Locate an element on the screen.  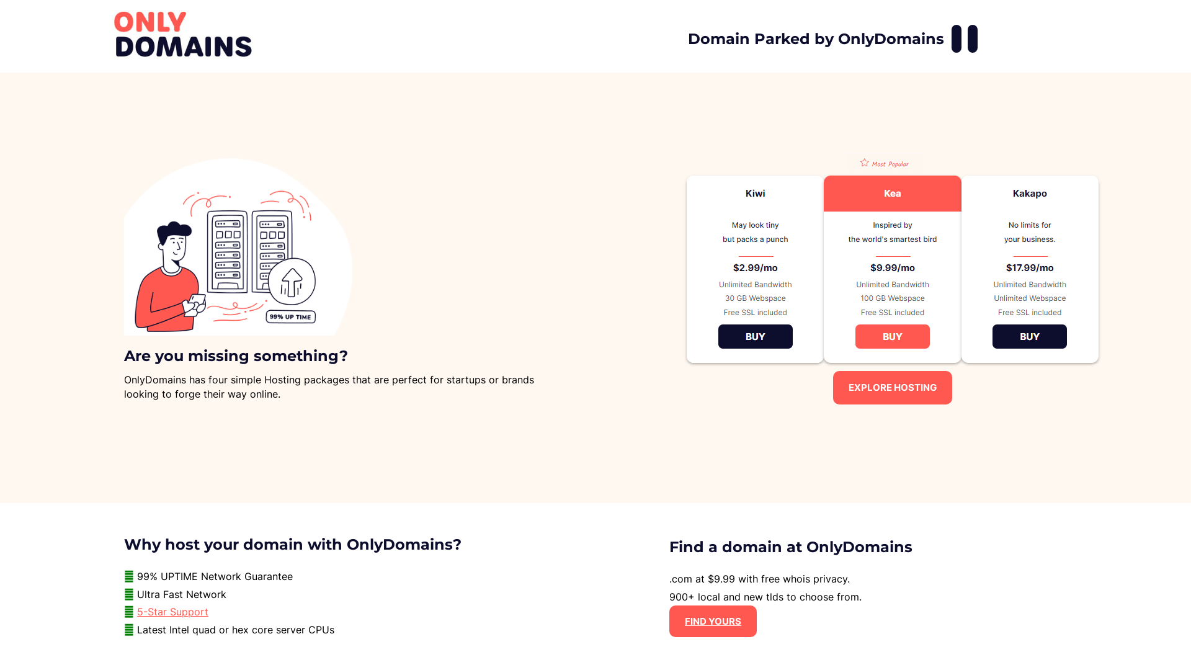
'EXPLORE HOSTING' is located at coordinates (892, 386).